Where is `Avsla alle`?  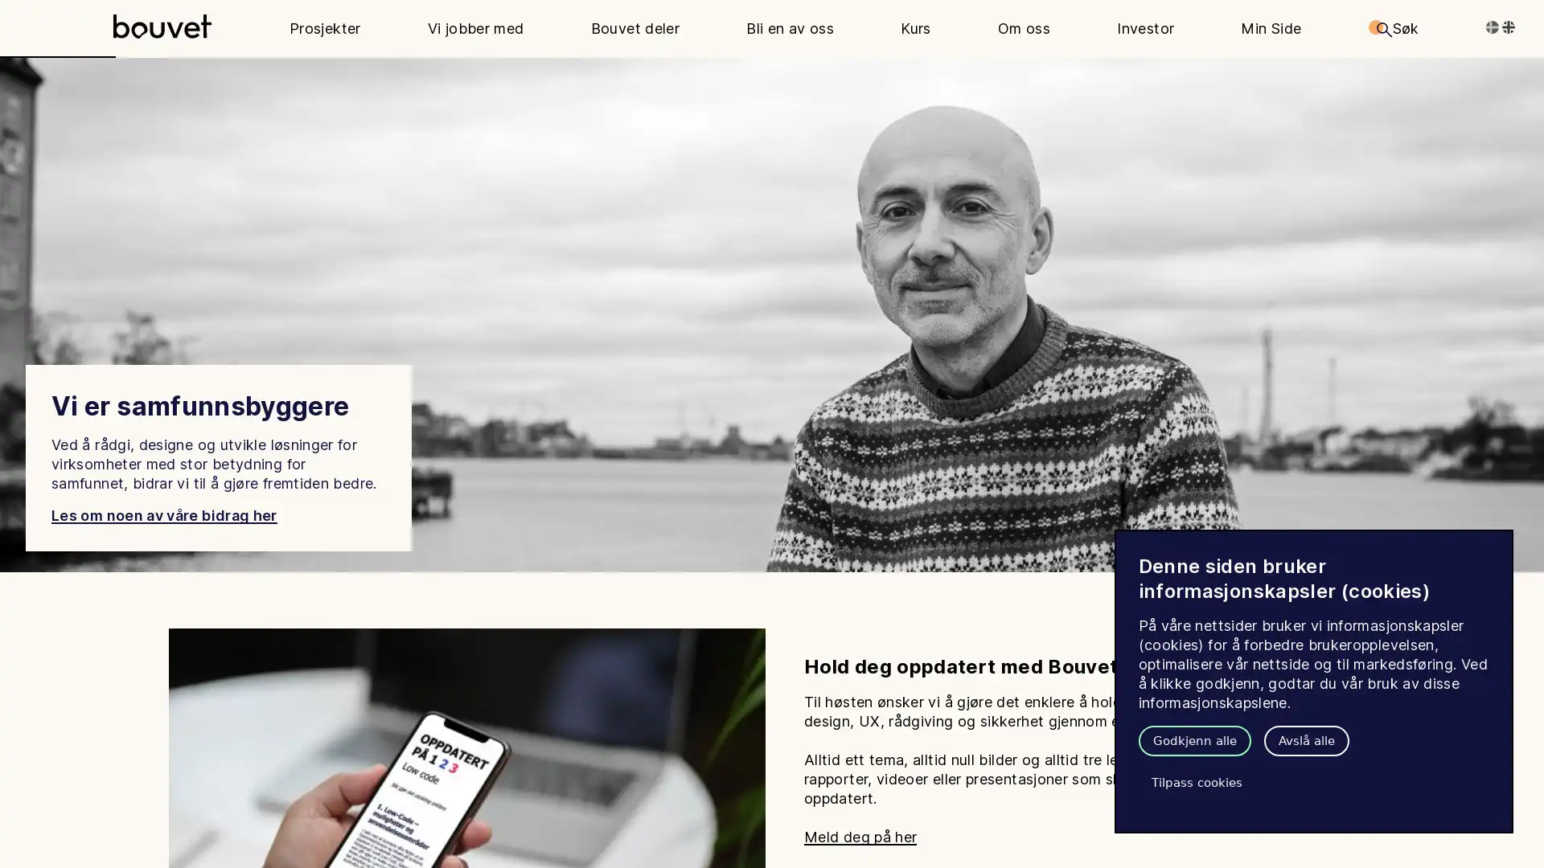
Avsla alle is located at coordinates (1305, 740).